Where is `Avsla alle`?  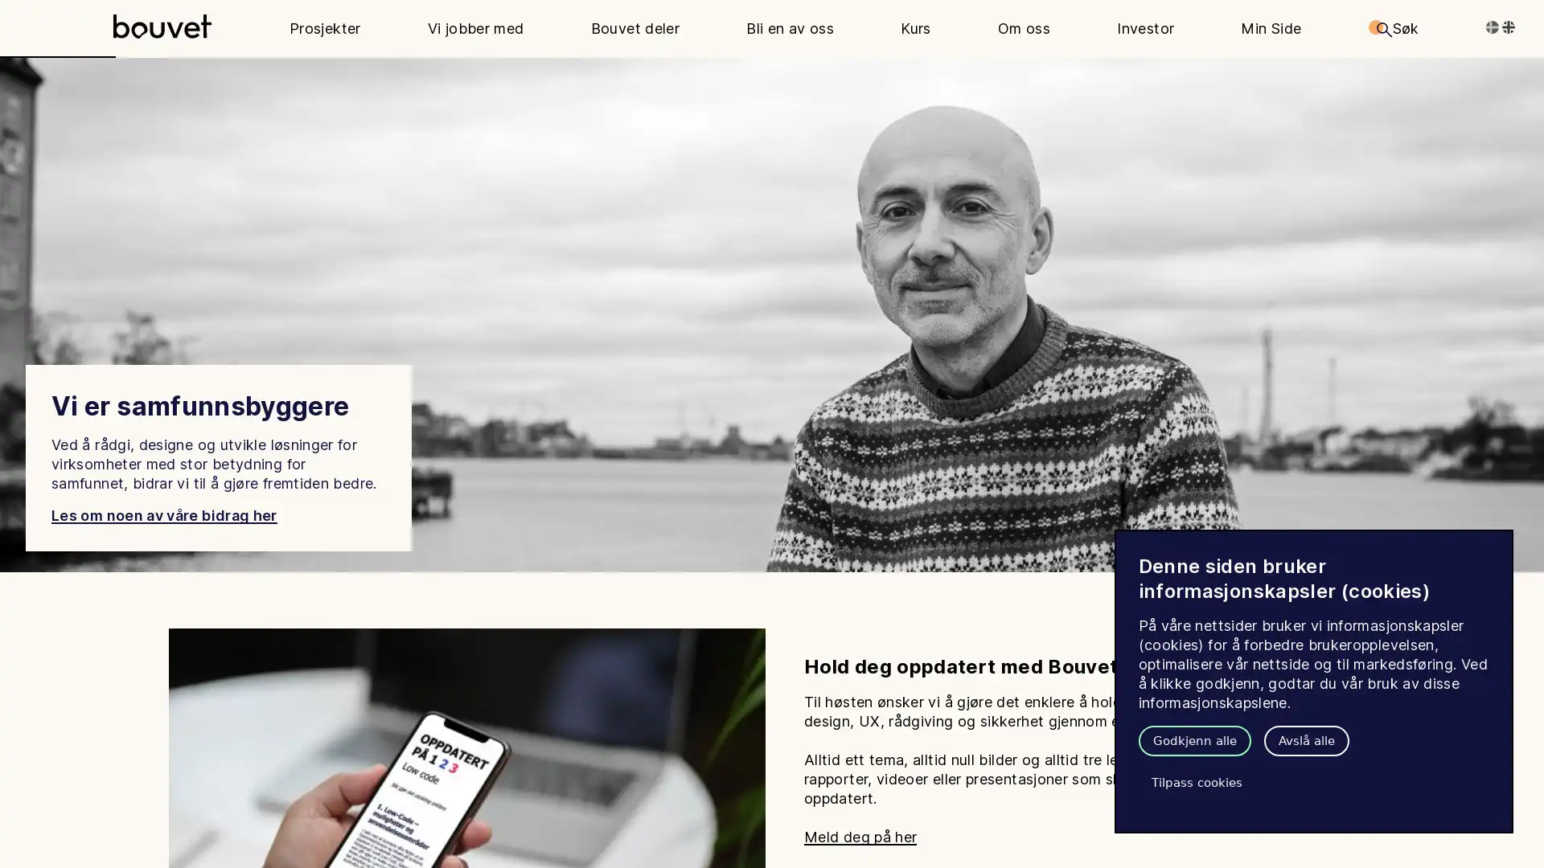
Avsla alle is located at coordinates (1305, 740).